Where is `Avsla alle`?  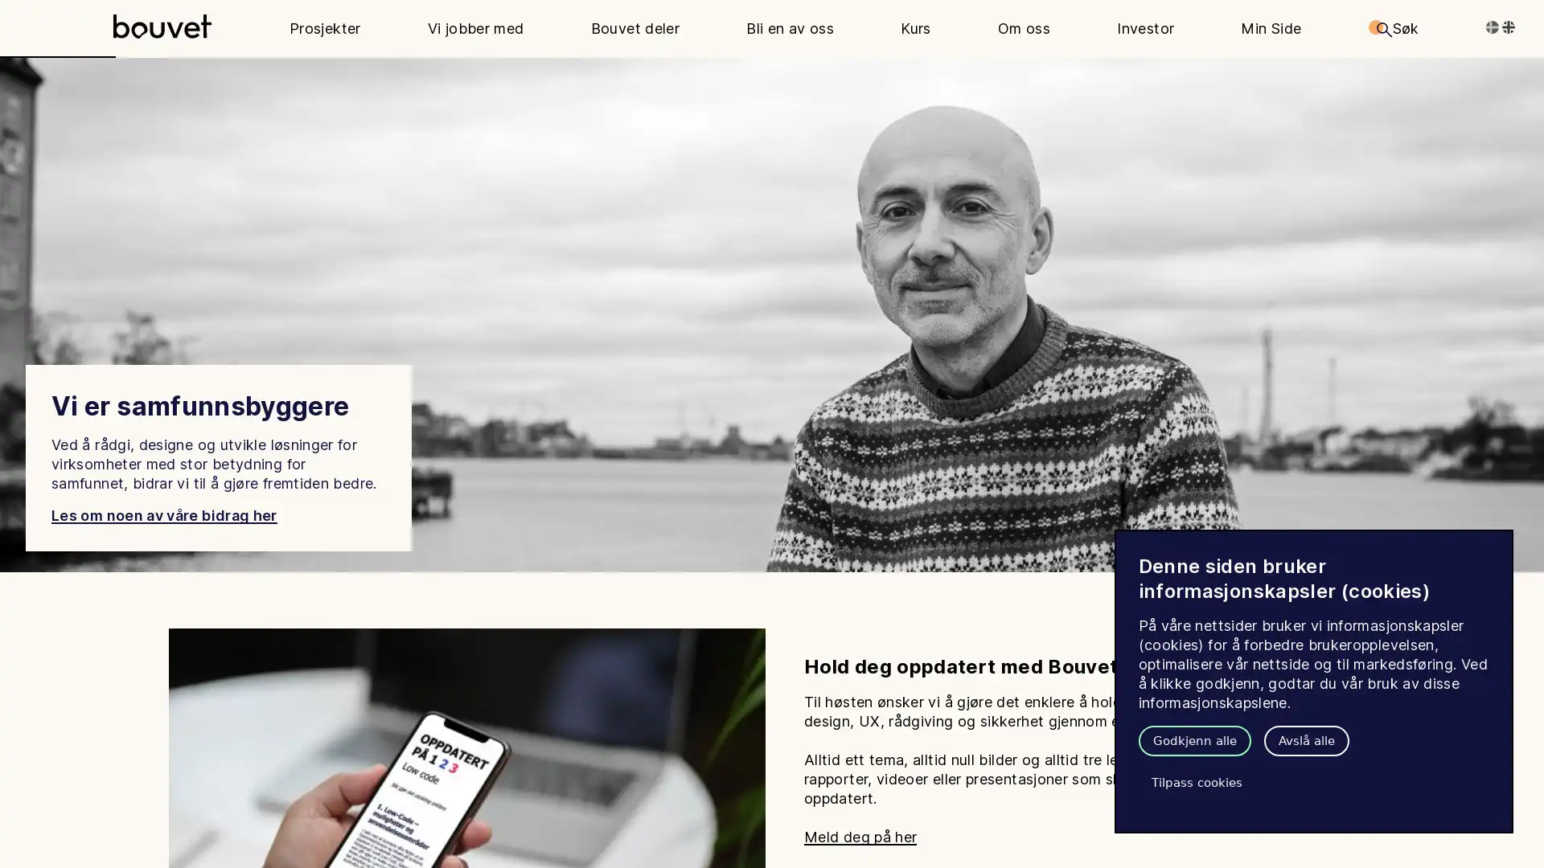
Avsla alle is located at coordinates (1305, 740).